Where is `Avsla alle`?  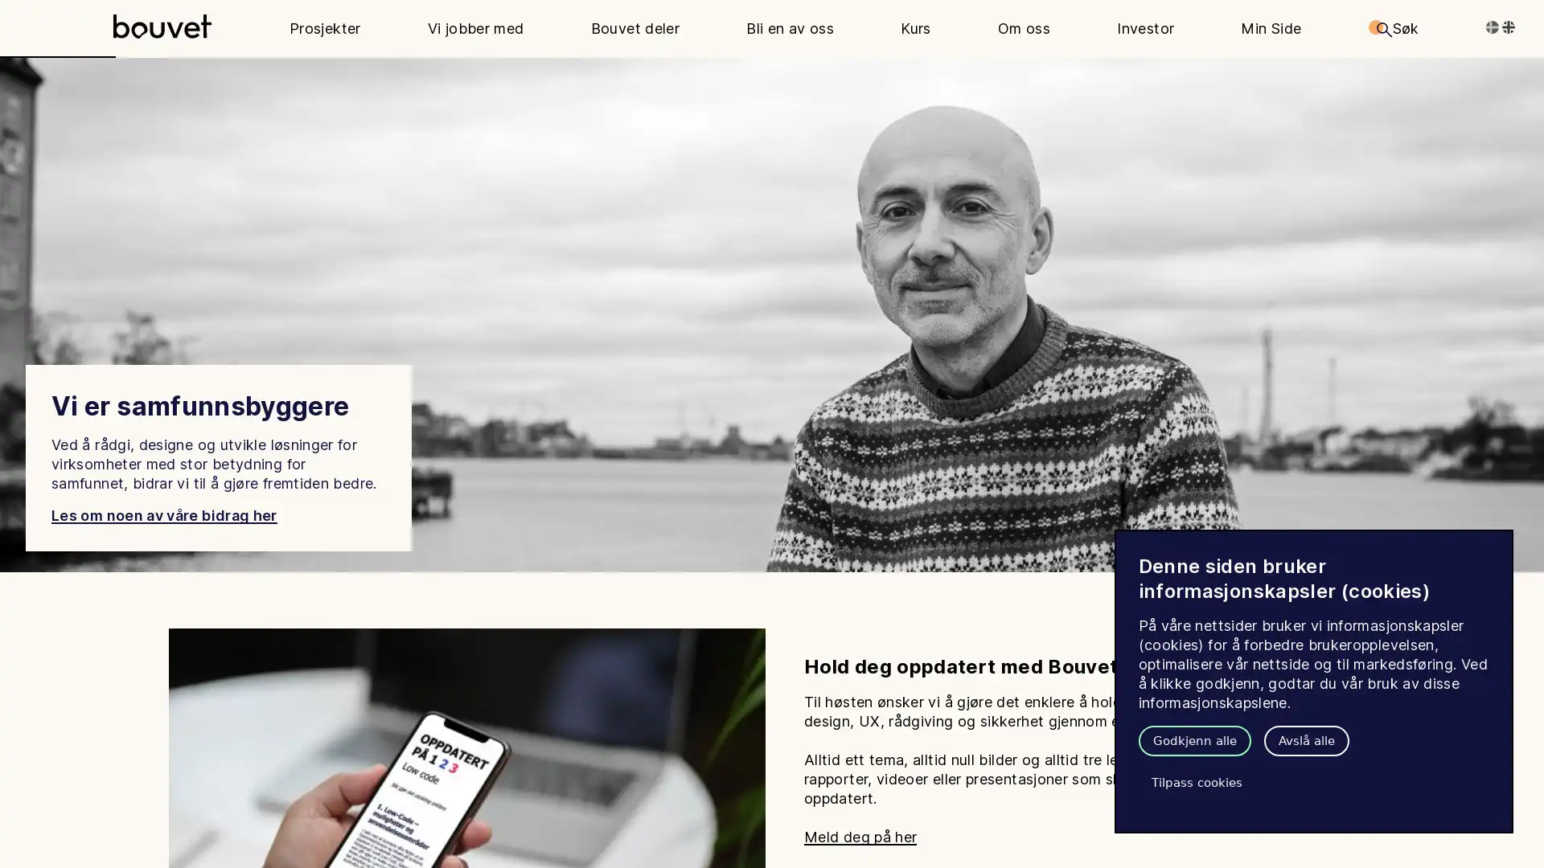
Avsla alle is located at coordinates (1305, 740).